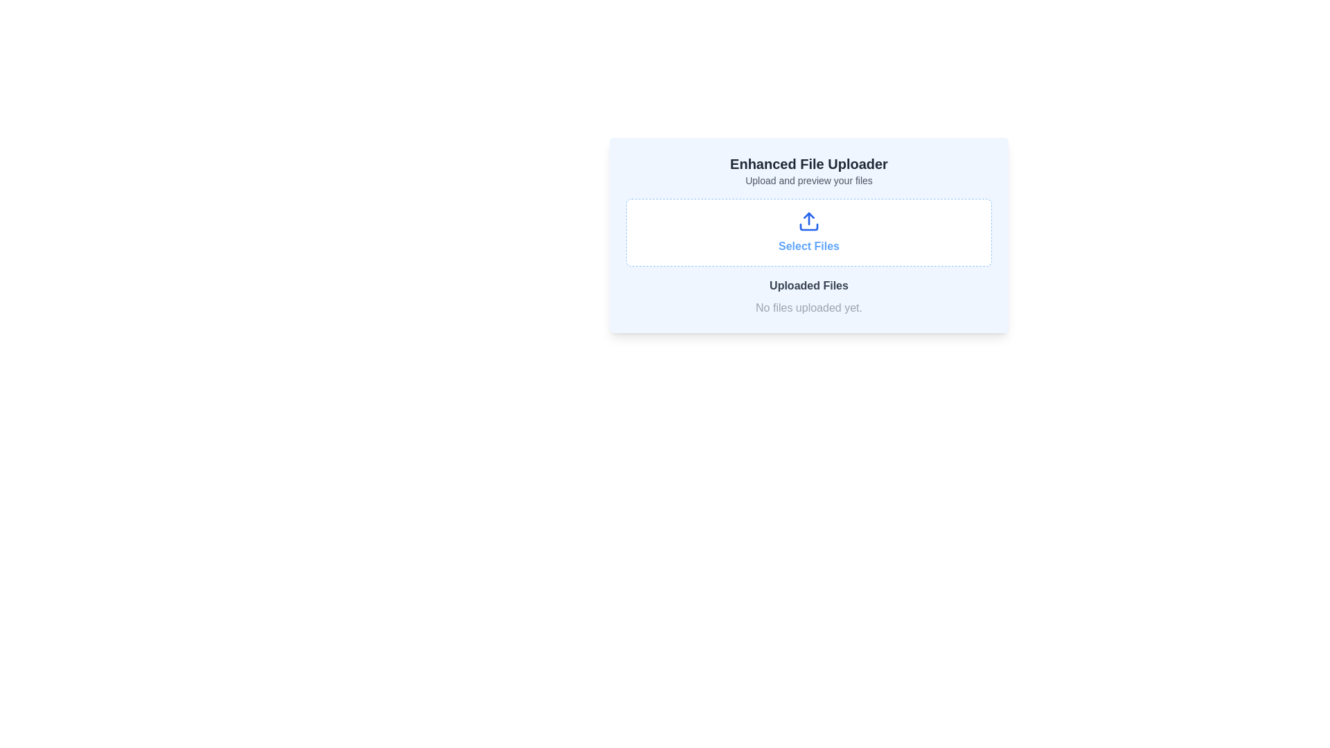 The width and height of the screenshot is (1330, 748). I want to click on the instructional text label that informs users about the file uploader's purpose, positioned below the title 'Enhanced File Uploader', so click(808, 180).